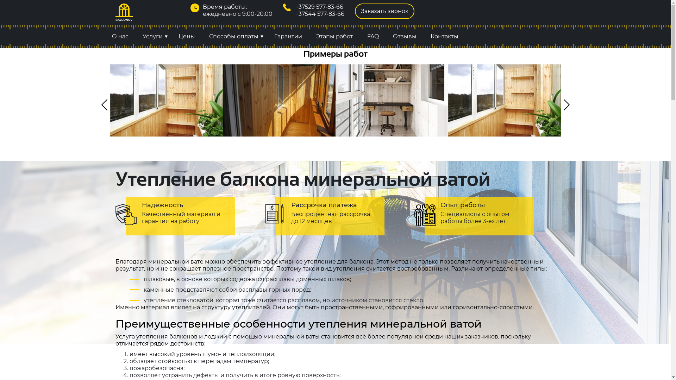  I want to click on '+37529 577-83-66', so click(295, 7).